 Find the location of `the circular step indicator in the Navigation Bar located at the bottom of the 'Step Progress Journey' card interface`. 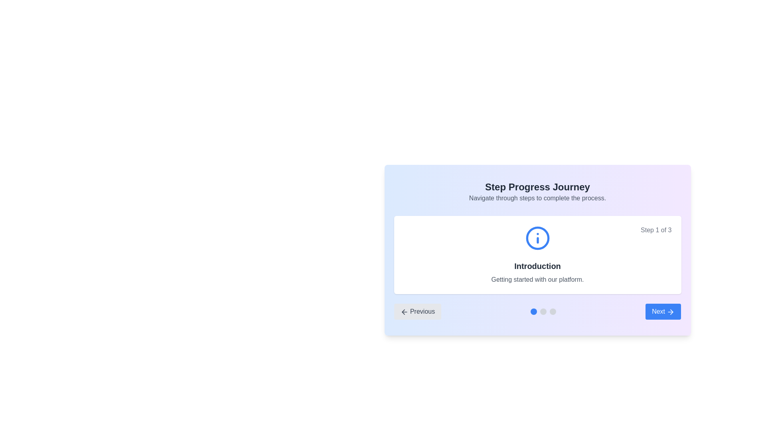

the circular step indicator in the Navigation Bar located at the bottom of the 'Step Progress Journey' card interface is located at coordinates (537, 311).